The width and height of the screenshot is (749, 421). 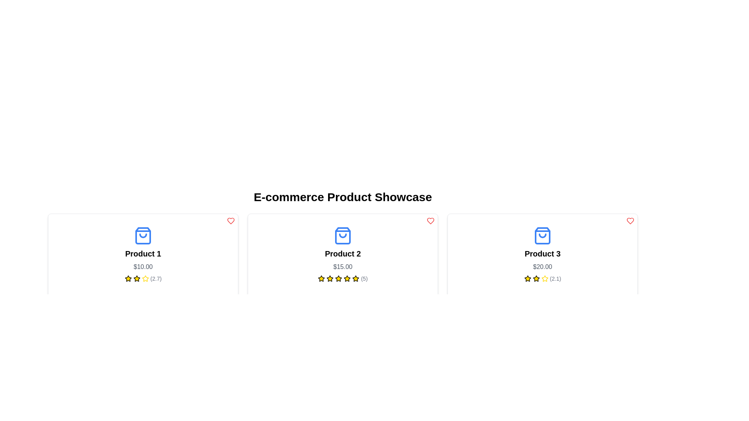 I want to click on the 'like' or 'favorite' icon button located at the top-right corner of the 'Product 3' card, so click(x=630, y=221).